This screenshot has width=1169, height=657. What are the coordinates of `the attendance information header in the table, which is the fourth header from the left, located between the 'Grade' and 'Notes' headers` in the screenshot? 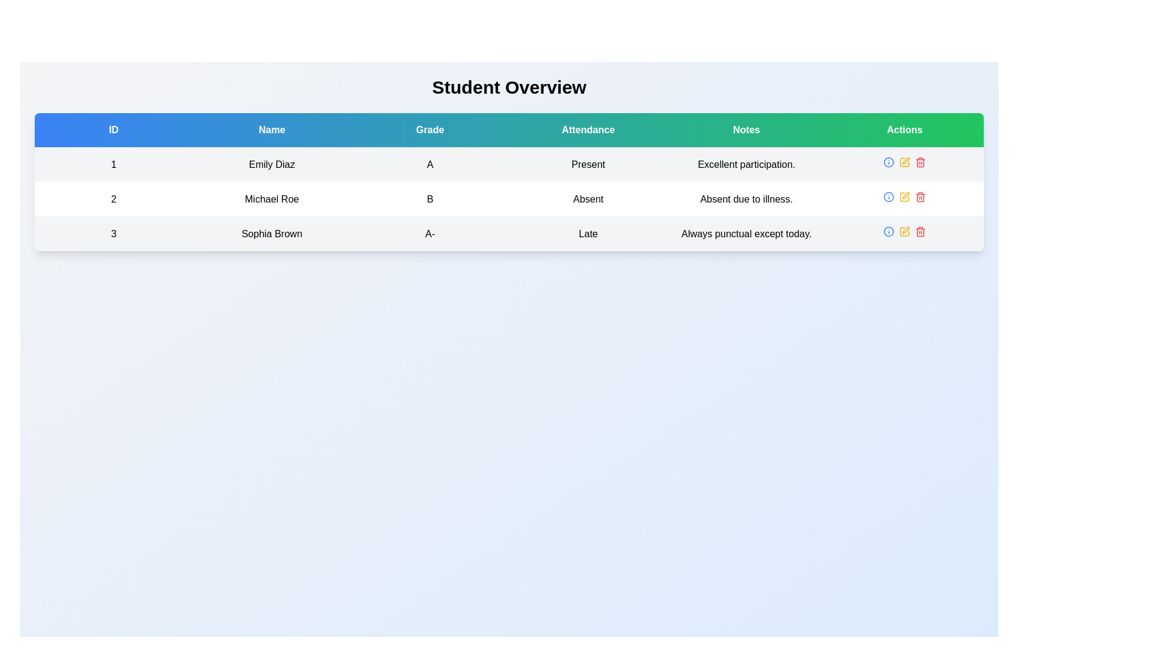 It's located at (588, 130).